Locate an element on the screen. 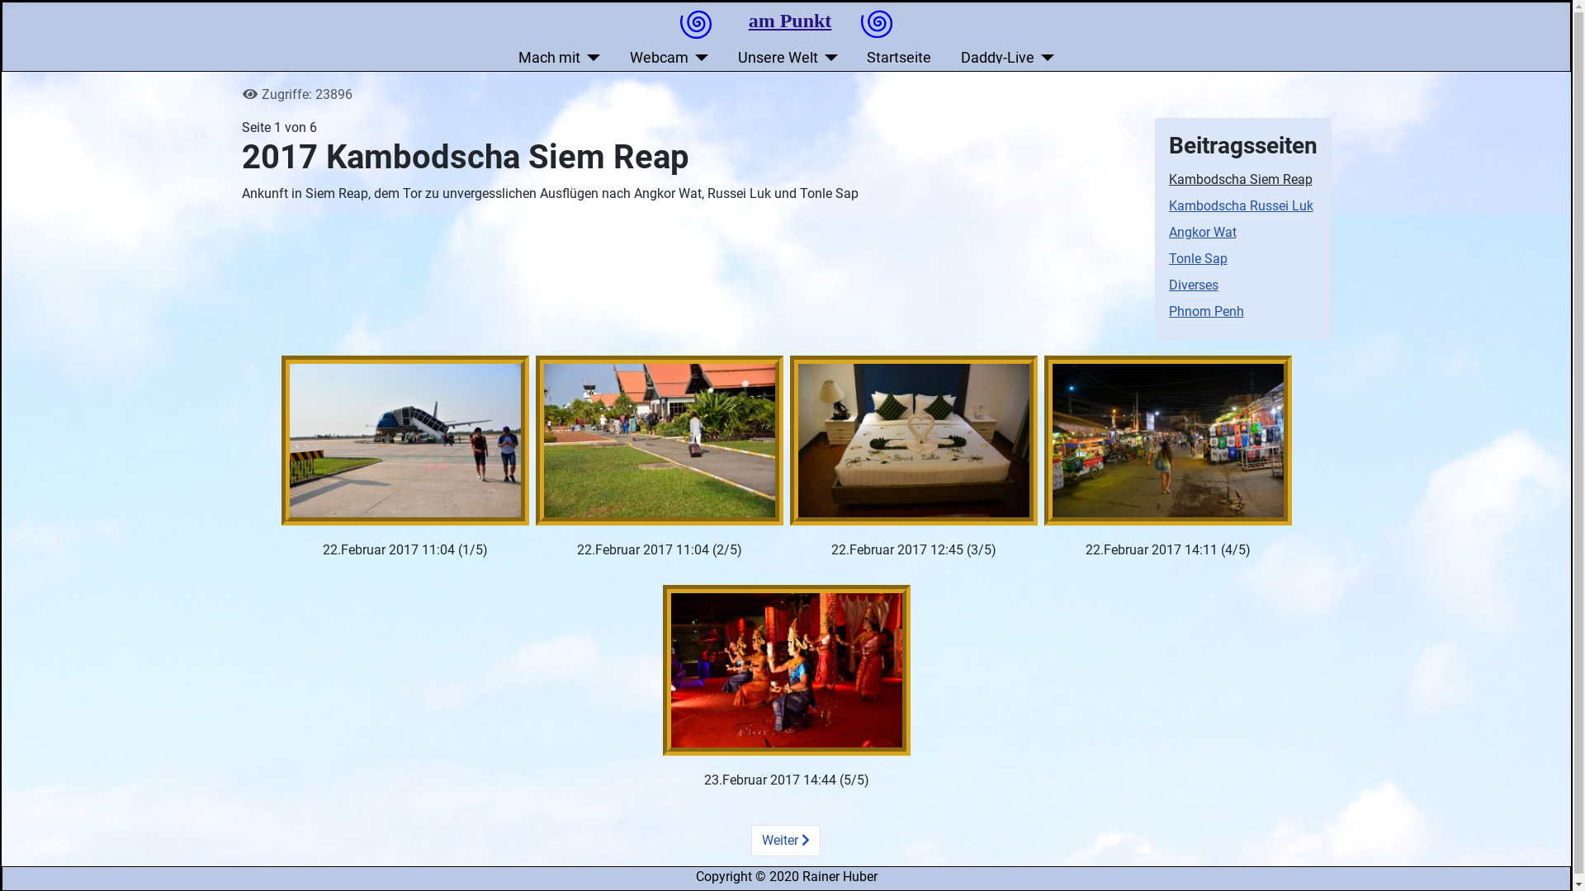 The height and width of the screenshot is (891, 1585). 'Daddy-Live' is located at coordinates (1006, 56).